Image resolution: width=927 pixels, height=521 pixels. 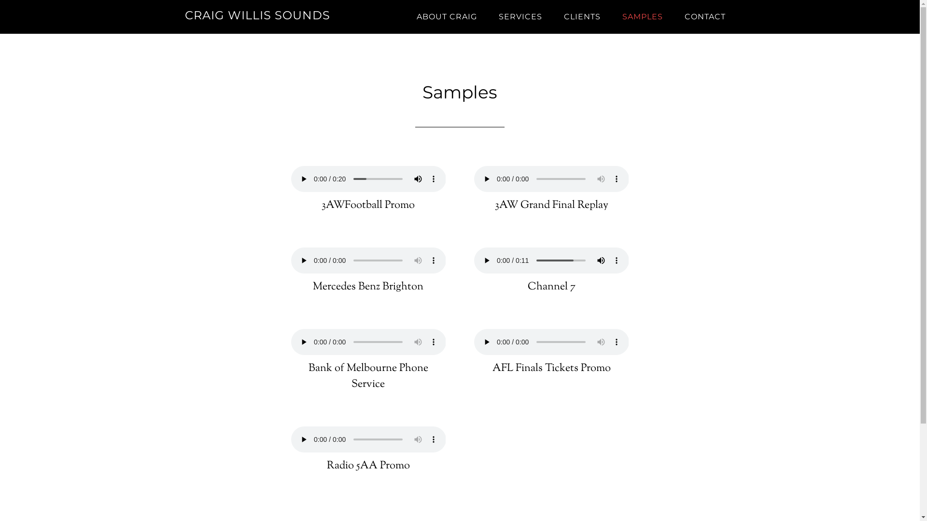 I want to click on 'SERVICES', so click(x=519, y=16).